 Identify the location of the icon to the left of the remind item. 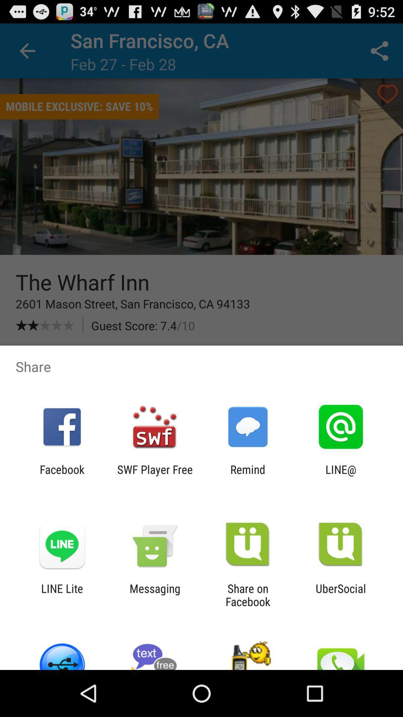
(154, 476).